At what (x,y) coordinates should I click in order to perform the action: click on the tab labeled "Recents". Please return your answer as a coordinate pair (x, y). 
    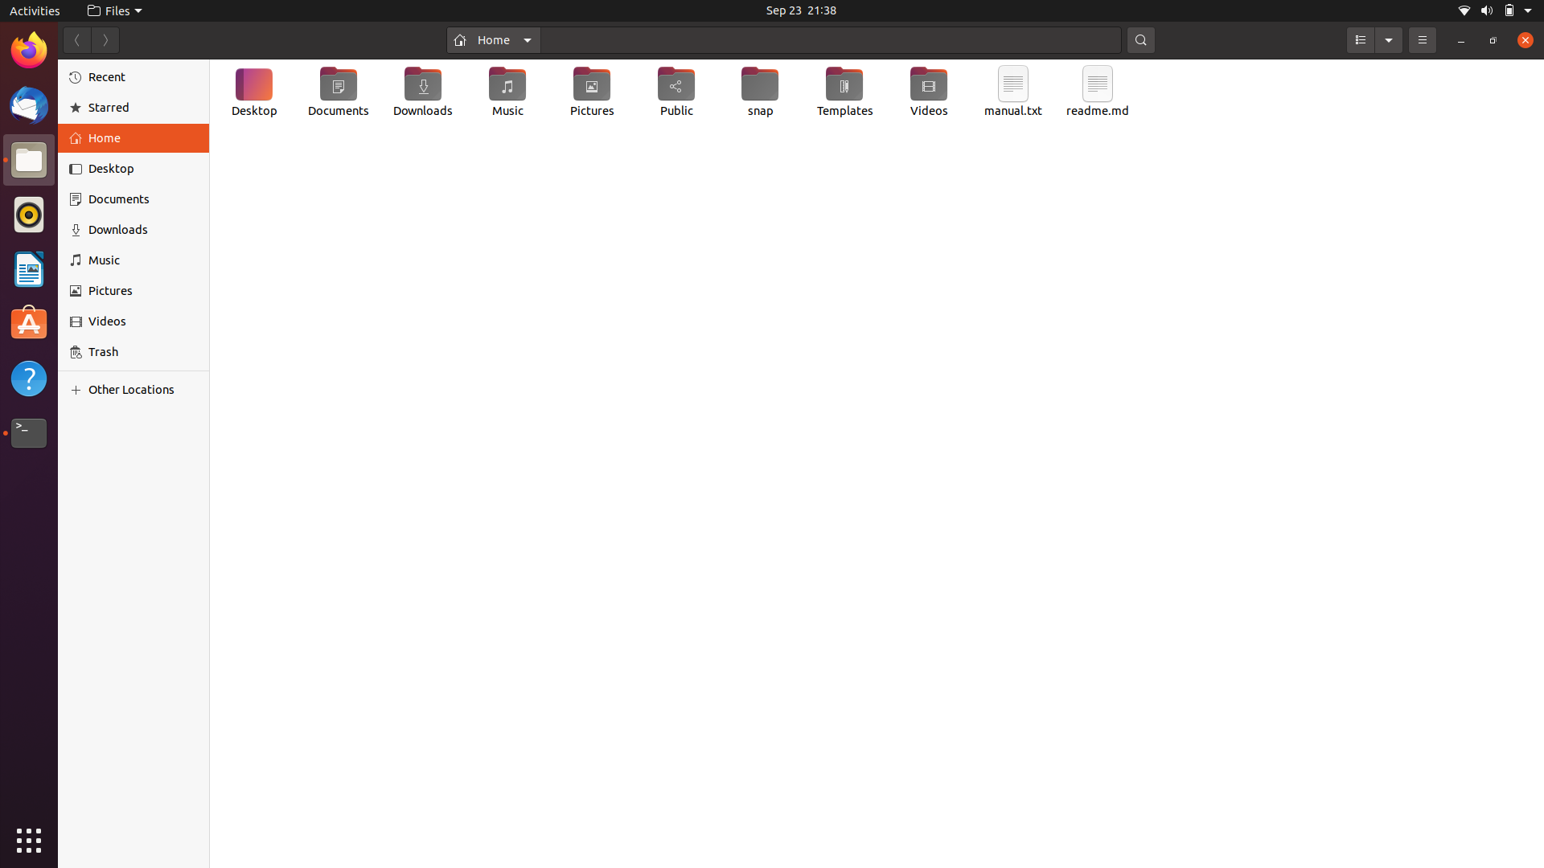
    Looking at the image, I should click on (133, 76).